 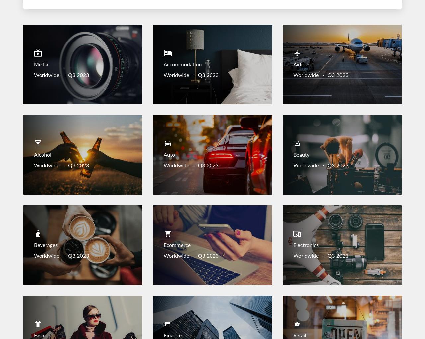 I want to click on 'Beverages', so click(x=45, y=245).